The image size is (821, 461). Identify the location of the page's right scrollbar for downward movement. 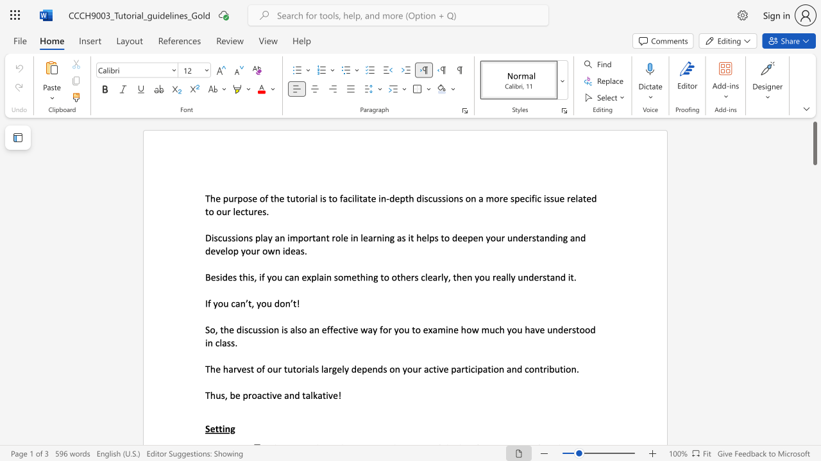
(814, 416).